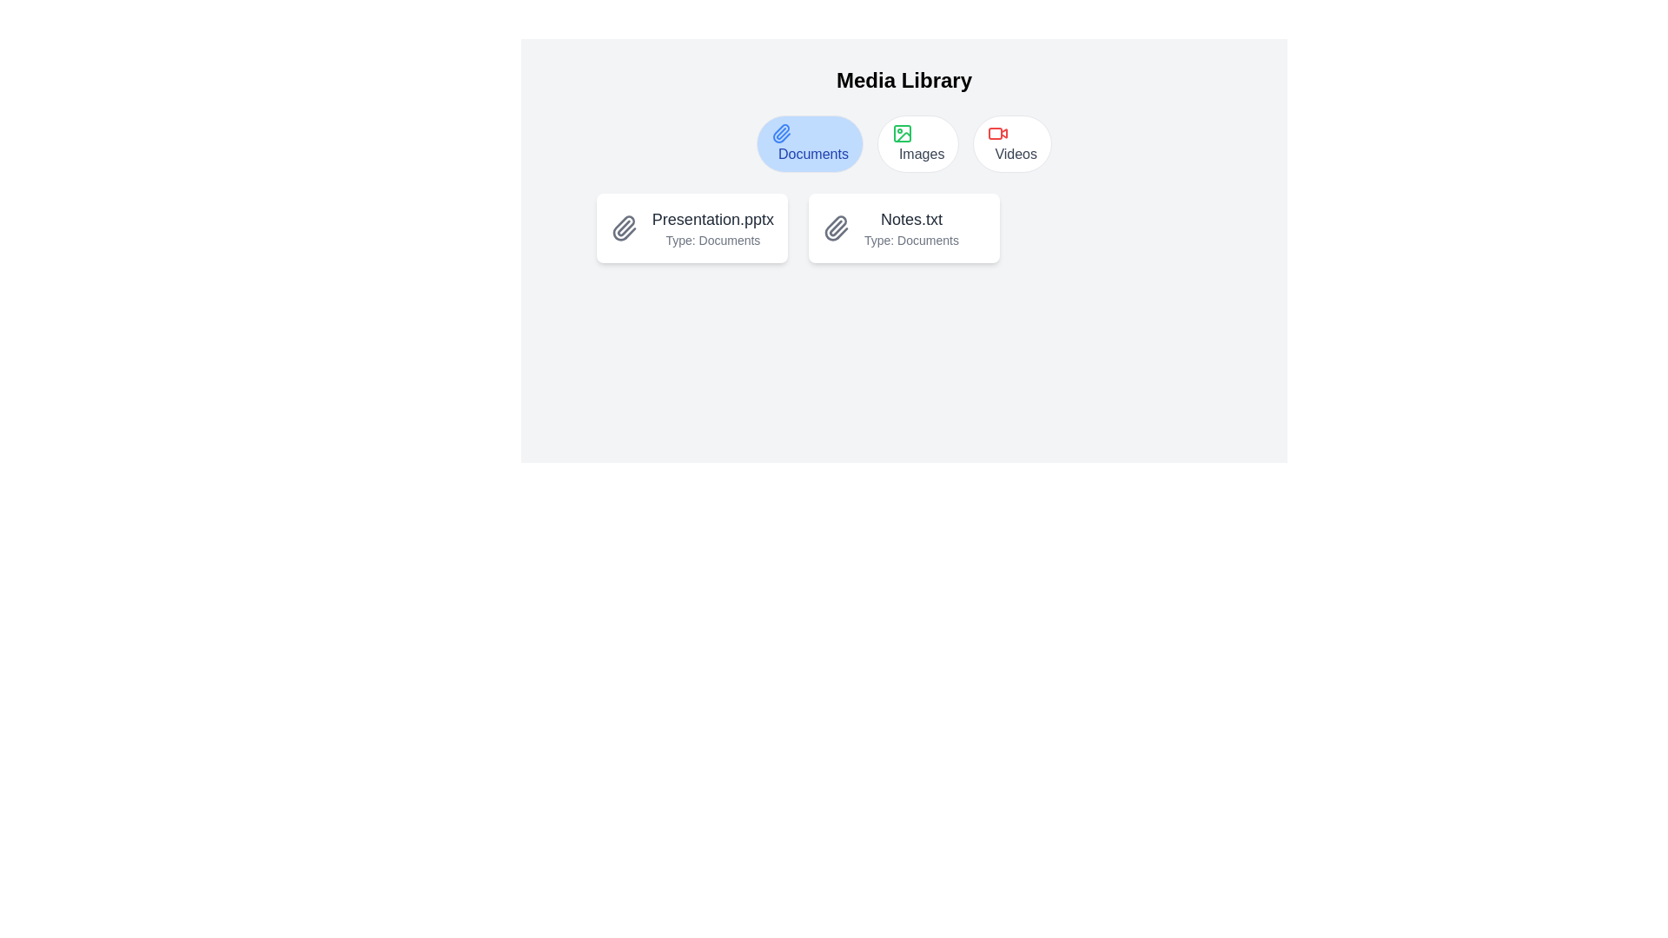  What do you see at coordinates (836, 227) in the screenshot?
I see `the paperclip icon, which is a minimalistic grey graphical representation located next to the text information of the 'Notes.txt' document` at bounding box center [836, 227].